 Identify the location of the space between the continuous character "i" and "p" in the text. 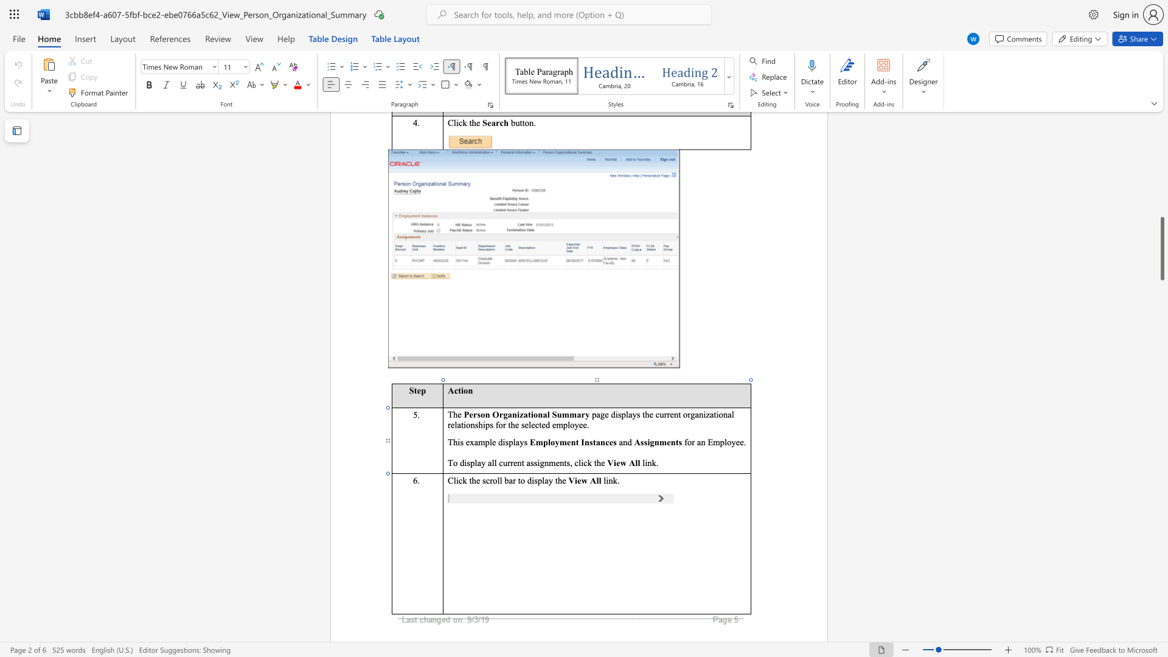
(485, 424).